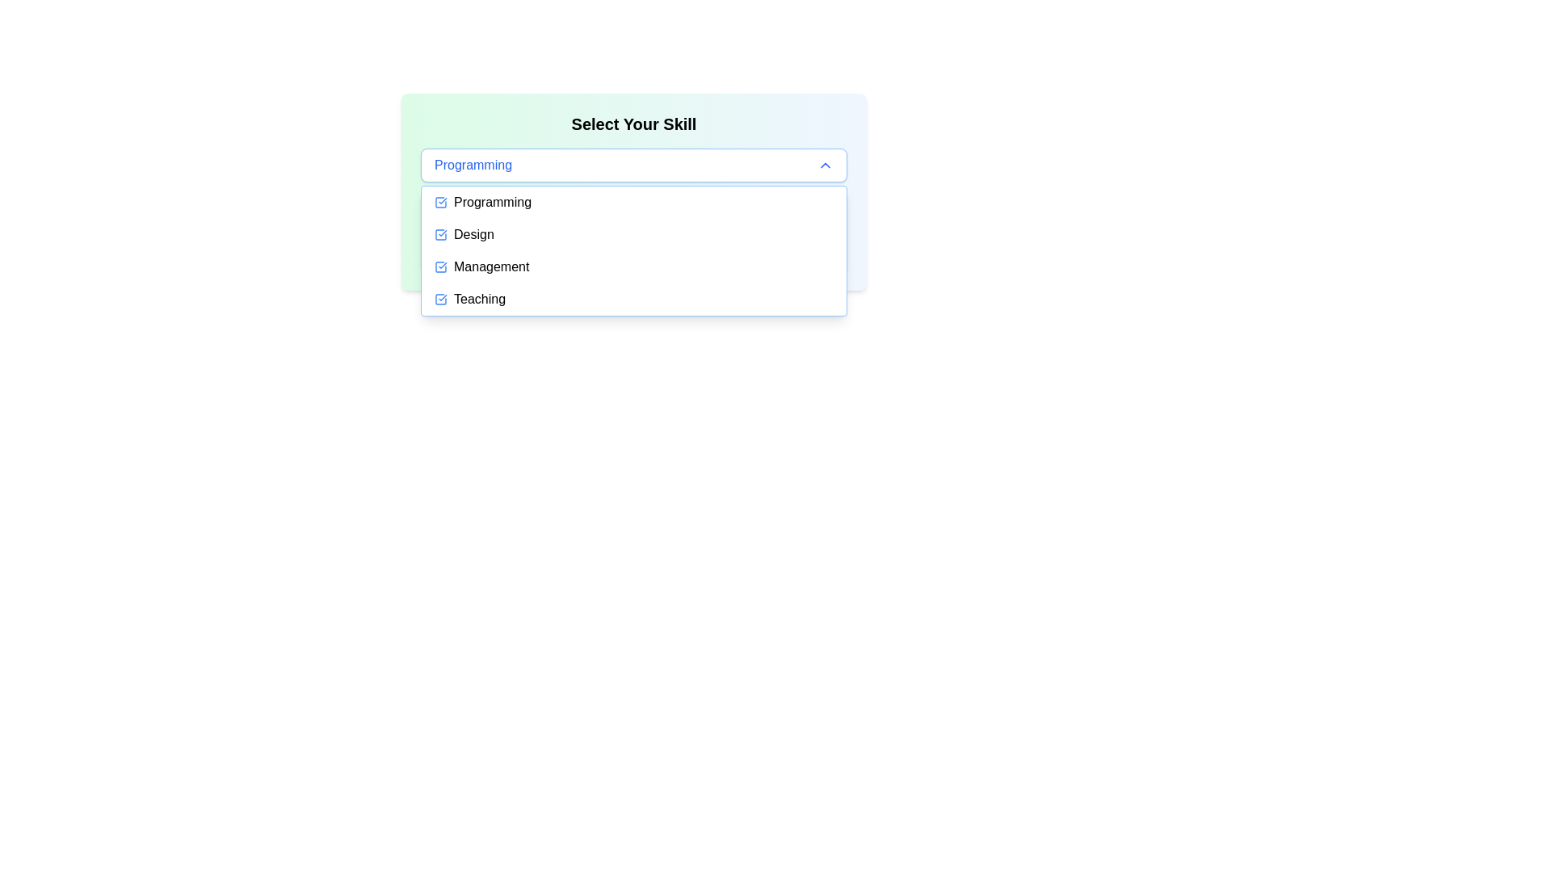 This screenshot has width=1551, height=872. Describe the element at coordinates (441, 234) in the screenshot. I see `the selectable state indicator icon for the 'Design' option in the dropdown menu below the 'Programming' trigger` at that location.